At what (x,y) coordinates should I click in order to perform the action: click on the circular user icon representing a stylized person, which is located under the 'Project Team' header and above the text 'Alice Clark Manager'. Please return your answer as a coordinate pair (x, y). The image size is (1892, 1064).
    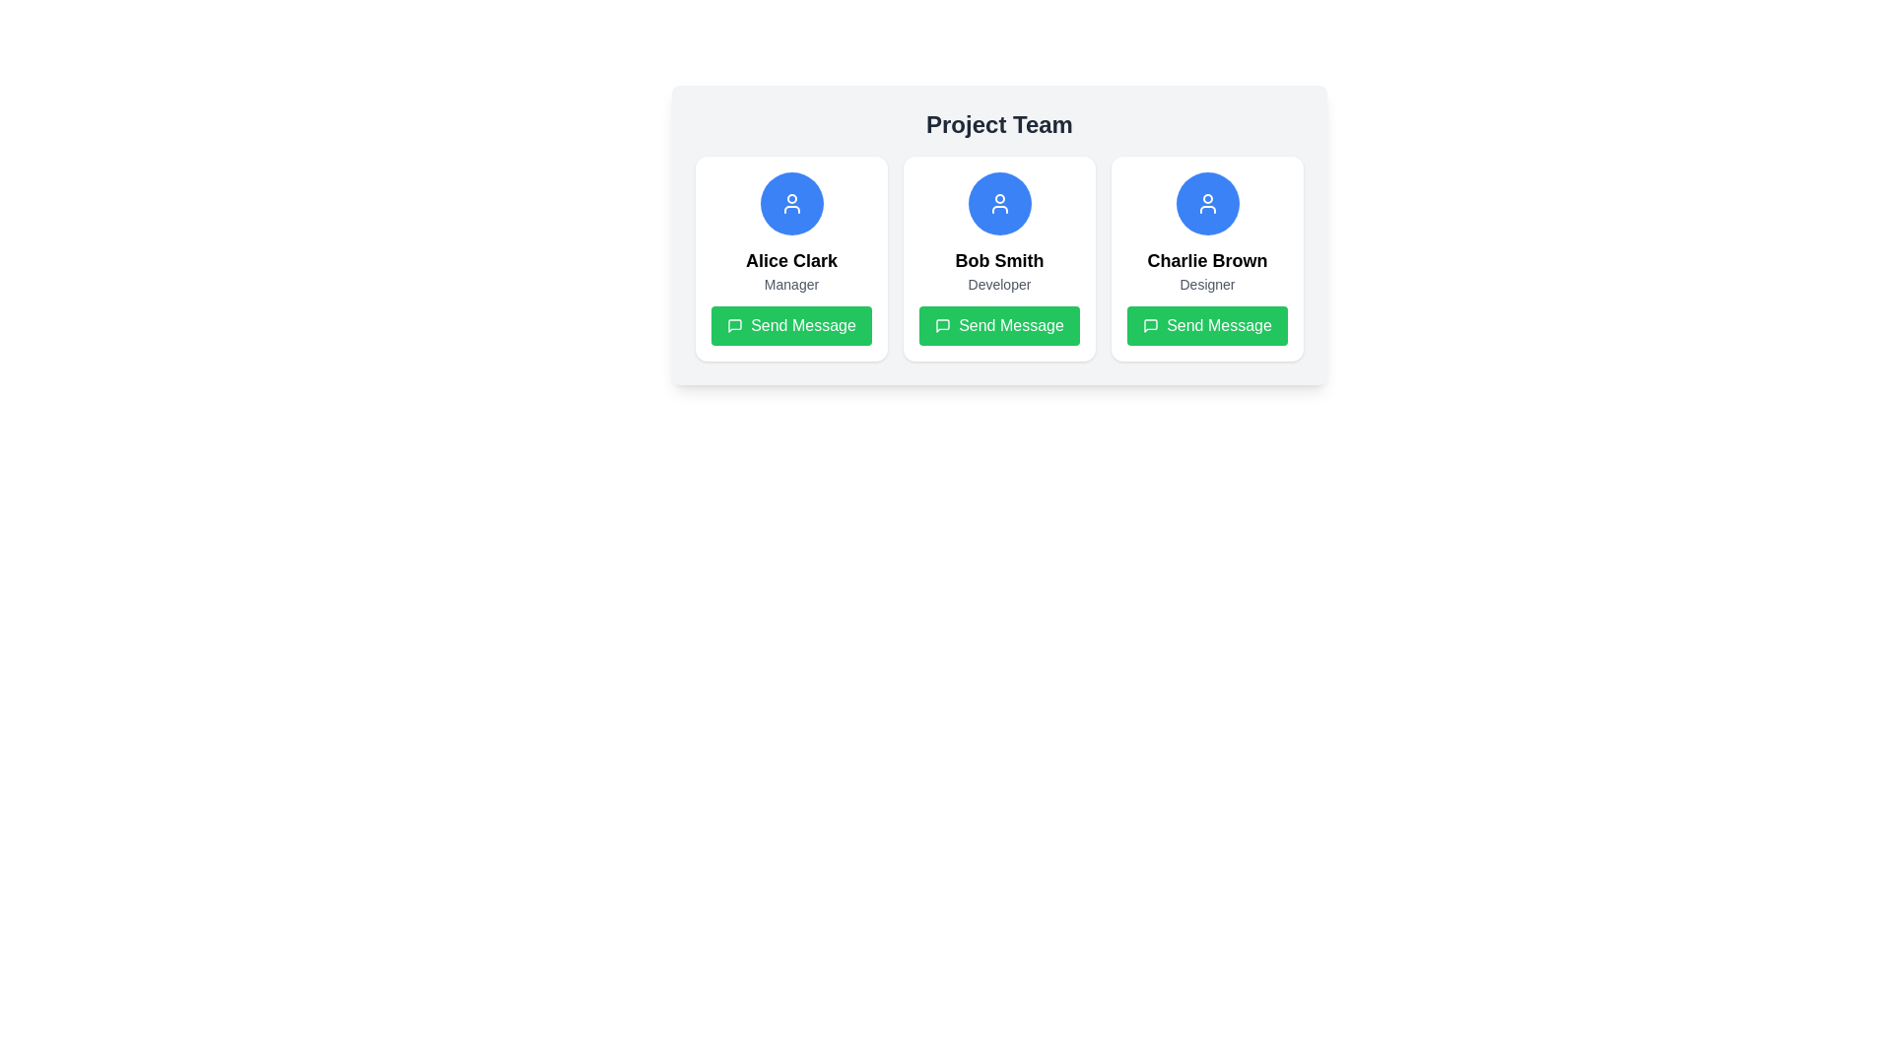
    Looking at the image, I should click on (791, 204).